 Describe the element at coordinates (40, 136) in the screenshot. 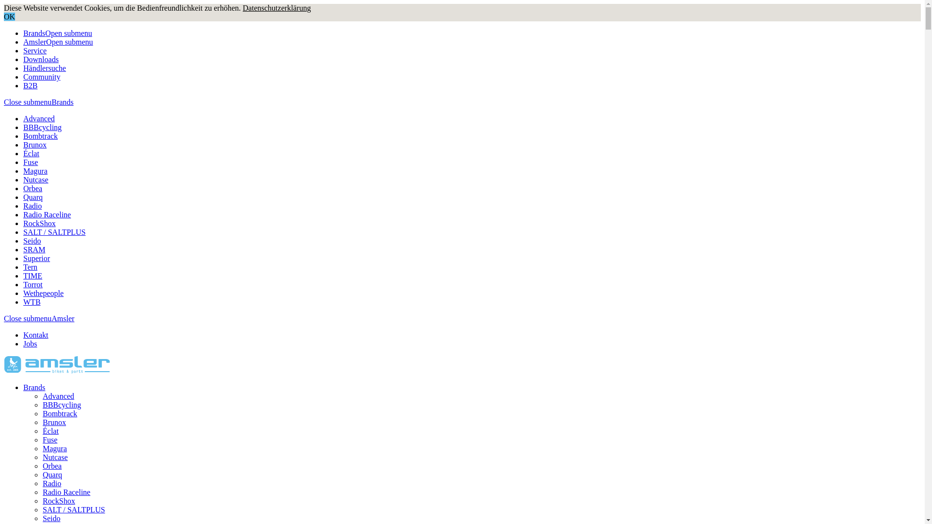

I see `'Bombtrack'` at that location.